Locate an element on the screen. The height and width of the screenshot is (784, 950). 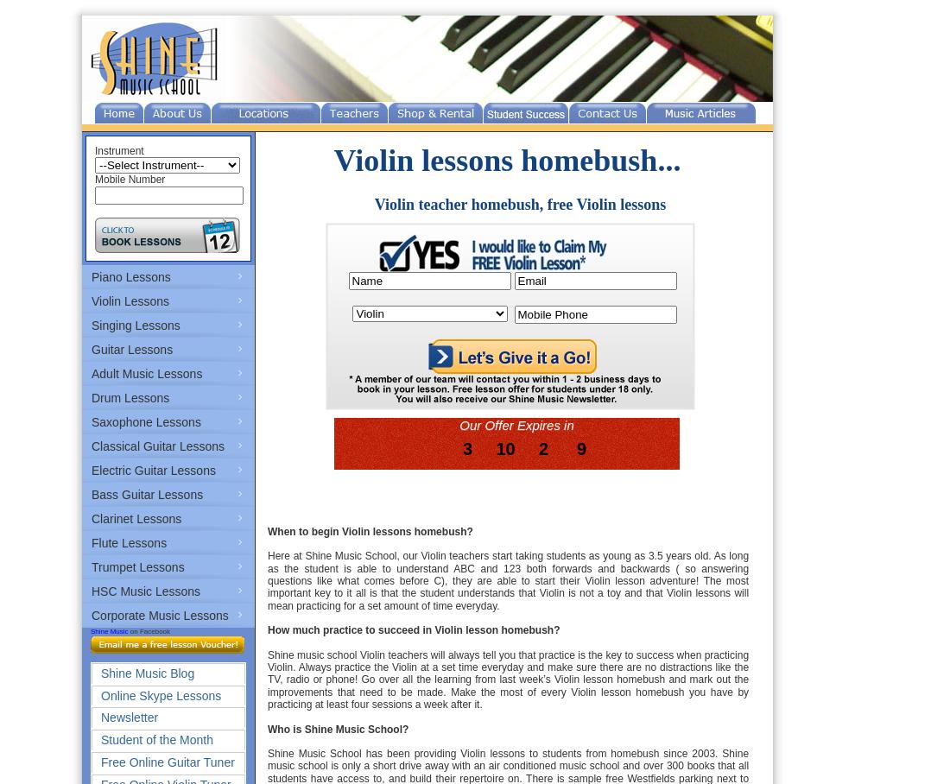
'Violin lessons homebush...' is located at coordinates (505, 159).